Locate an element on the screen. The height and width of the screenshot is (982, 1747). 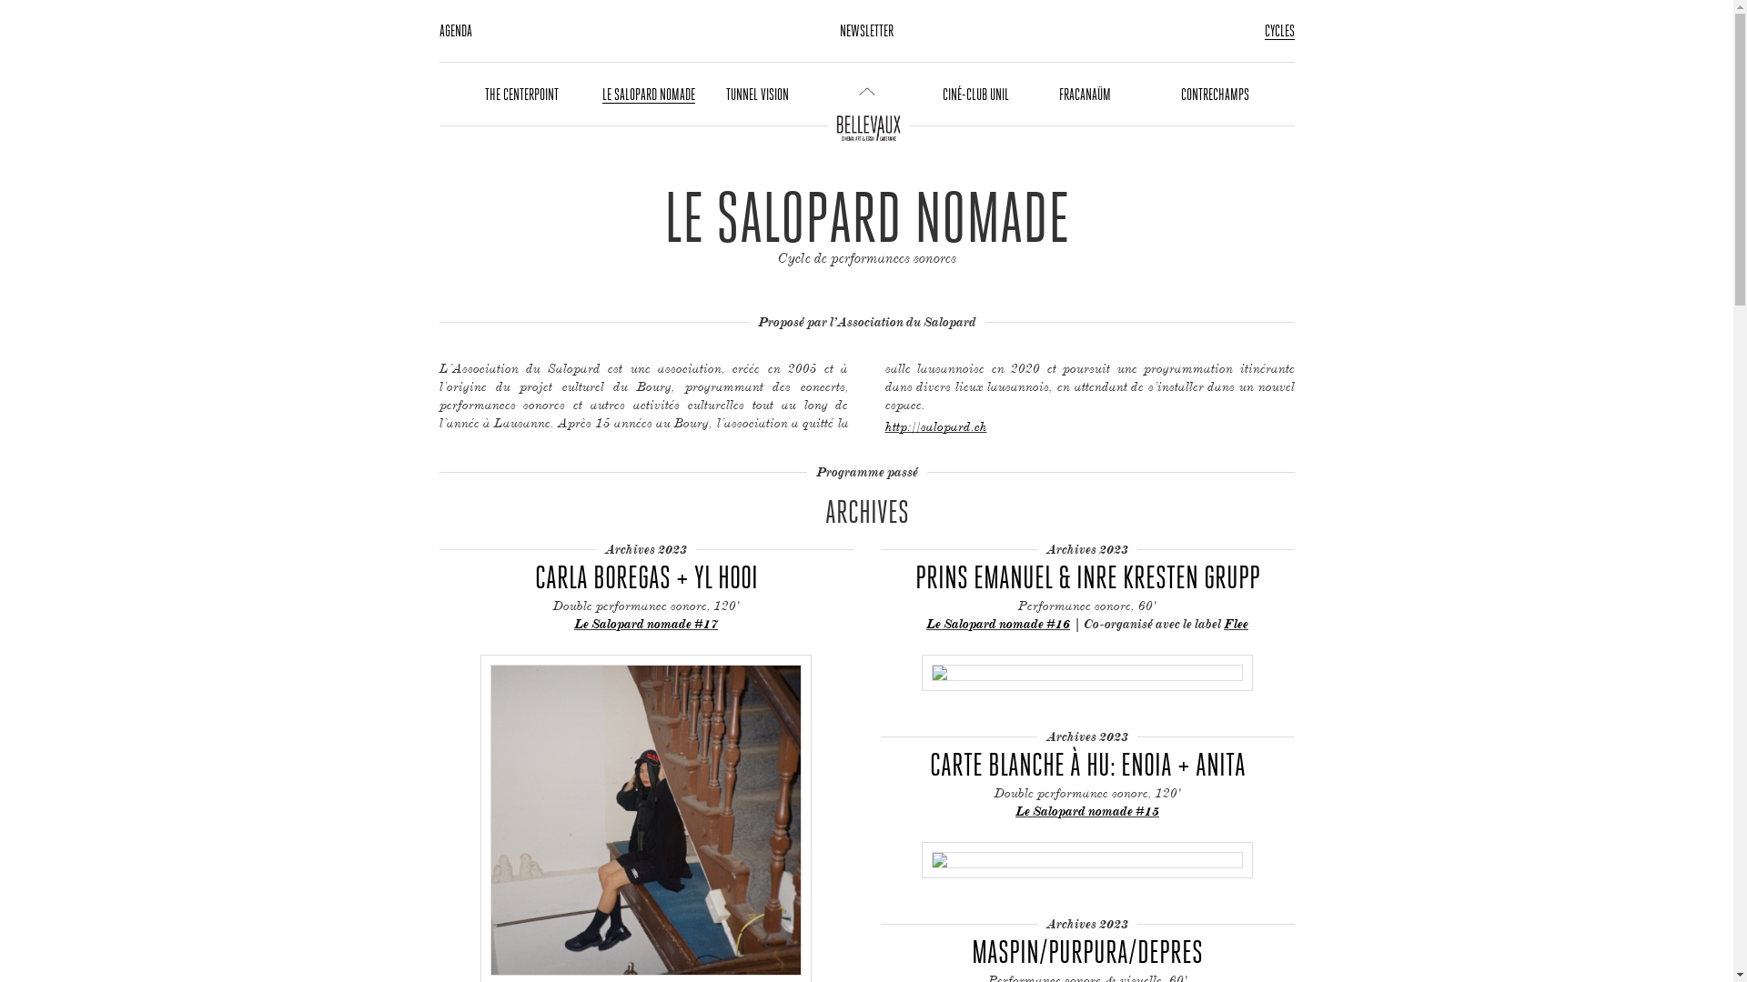
'TUNNEL VISION' is located at coordinates (757, 94).